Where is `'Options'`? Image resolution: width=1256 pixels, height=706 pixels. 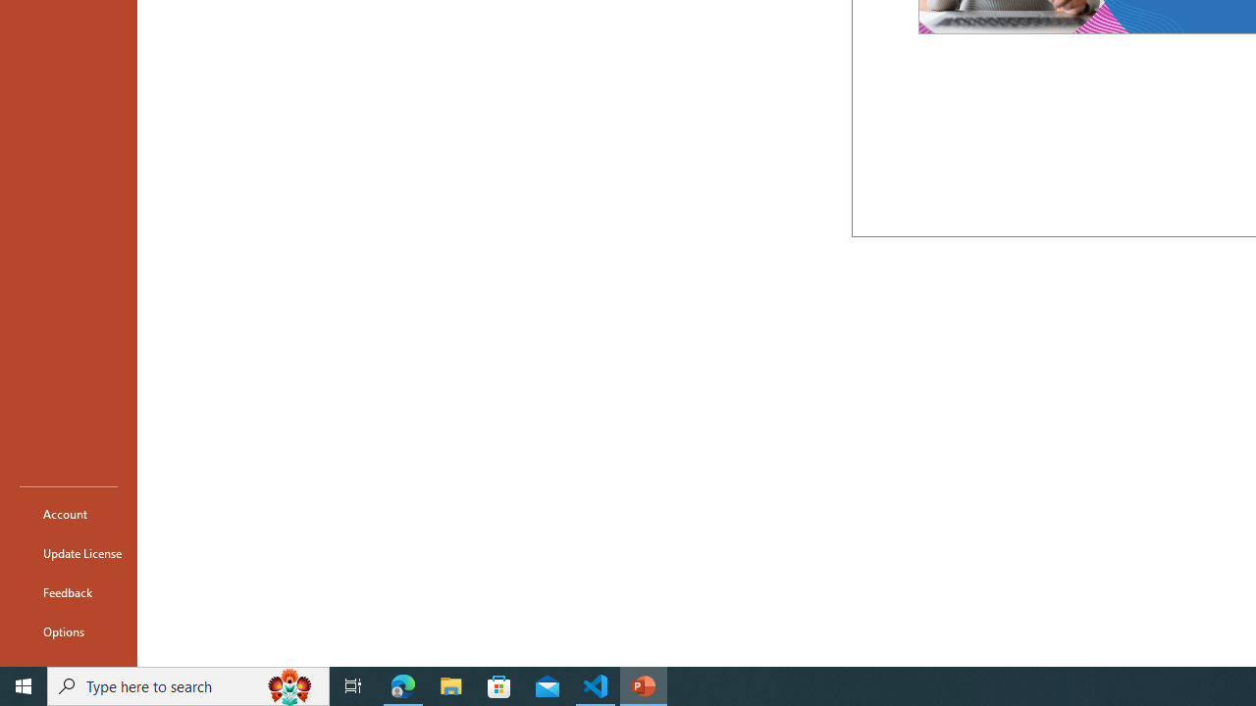
'Options' is located at coordinates (68, 631).